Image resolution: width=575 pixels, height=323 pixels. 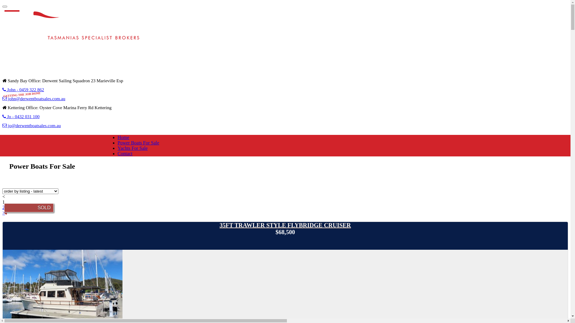 I want to click on 'Power Boats For Sale', so click(x=138, y=143).